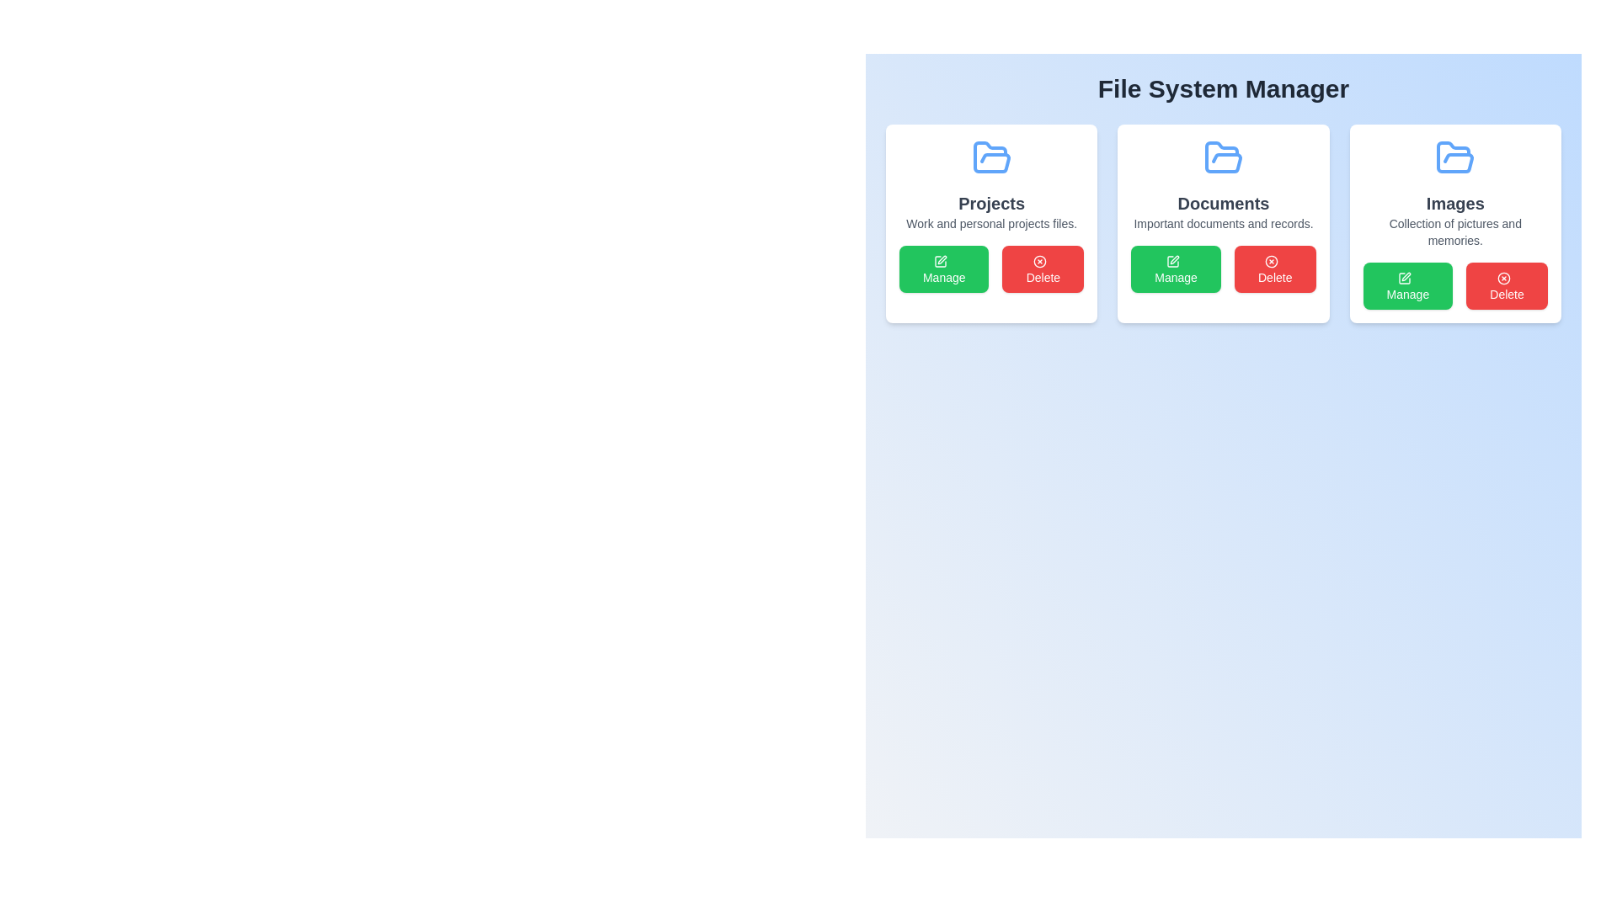  I want to click on the editing icon located within the green 'Manage' button in the 'Images' card, which is positioned in the rightmost column of the three main cards on the page, so click(1406, 276).